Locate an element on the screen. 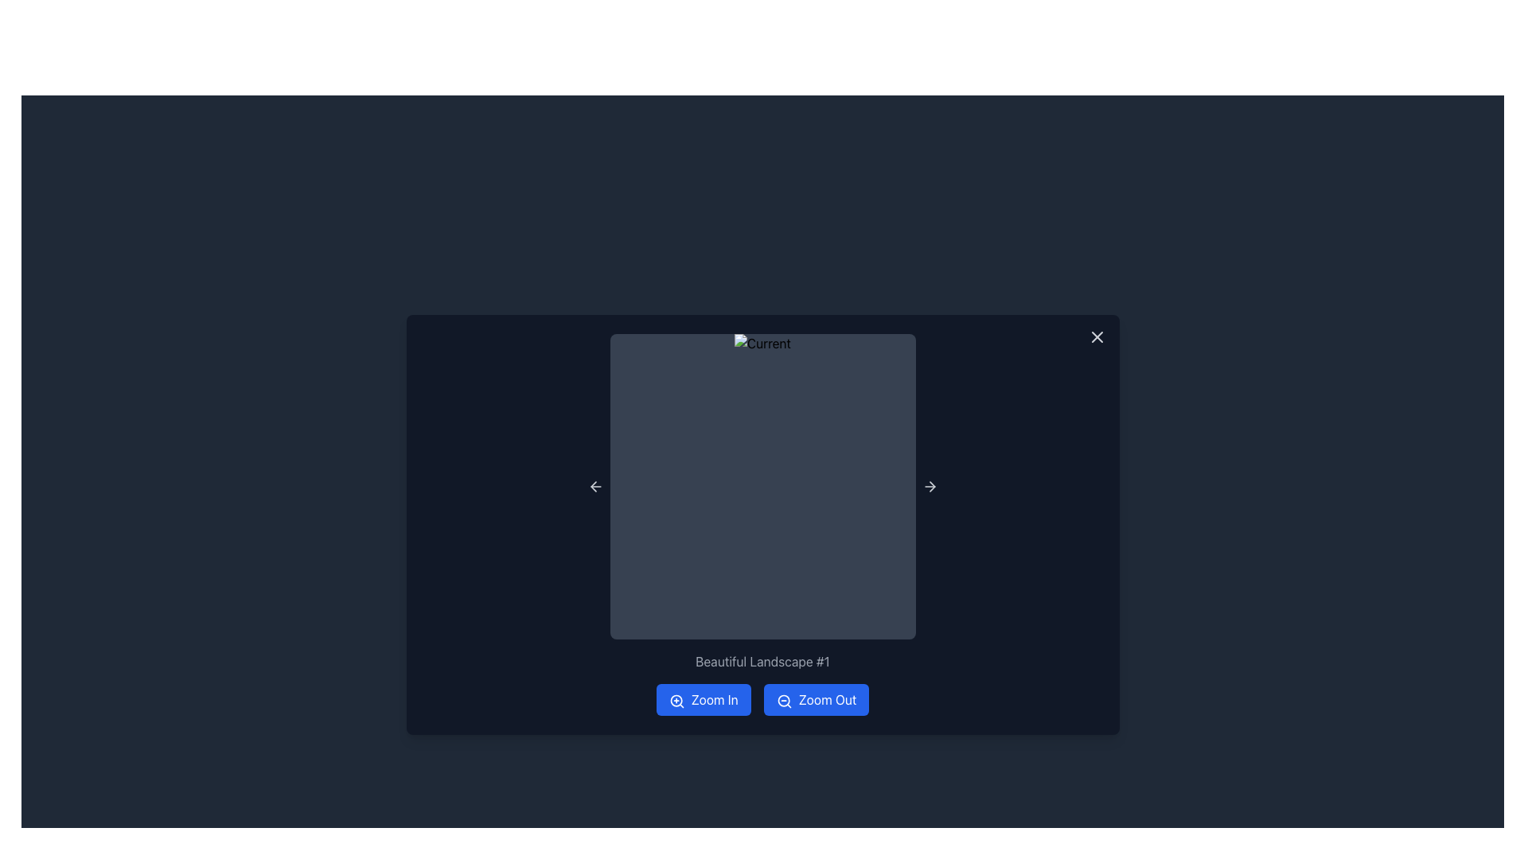  the Close Button, which is a small 'X' icon located at the top-right corner of the interactive modal is located at coordinates (1096, 336).